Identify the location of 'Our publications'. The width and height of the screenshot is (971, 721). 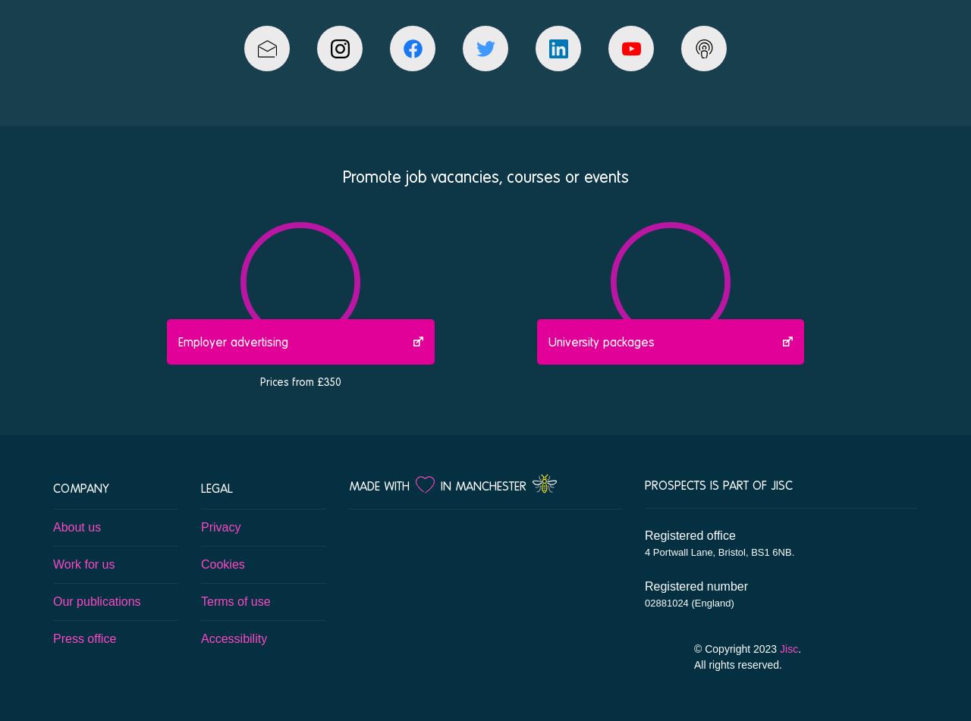
(96, 600).